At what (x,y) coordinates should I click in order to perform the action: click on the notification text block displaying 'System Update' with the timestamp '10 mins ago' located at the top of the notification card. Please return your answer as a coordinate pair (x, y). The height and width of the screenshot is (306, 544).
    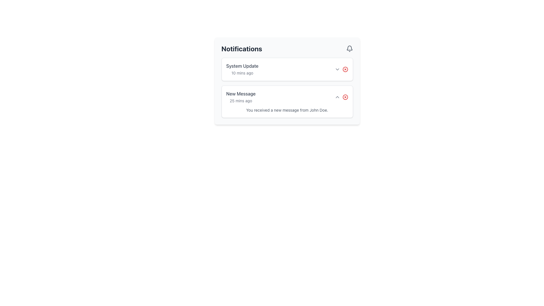
    Looking at the image, I should click on (242, 69).